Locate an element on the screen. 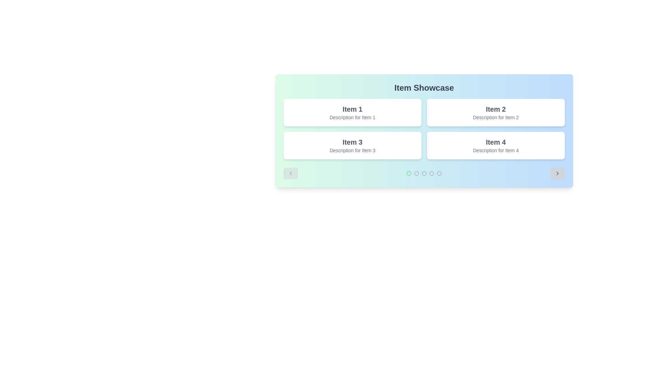  the specific circle in the Pagination Indicator located at the bottom of the 'Item Showcase' section to get more information is located at coordinates (423, 173).